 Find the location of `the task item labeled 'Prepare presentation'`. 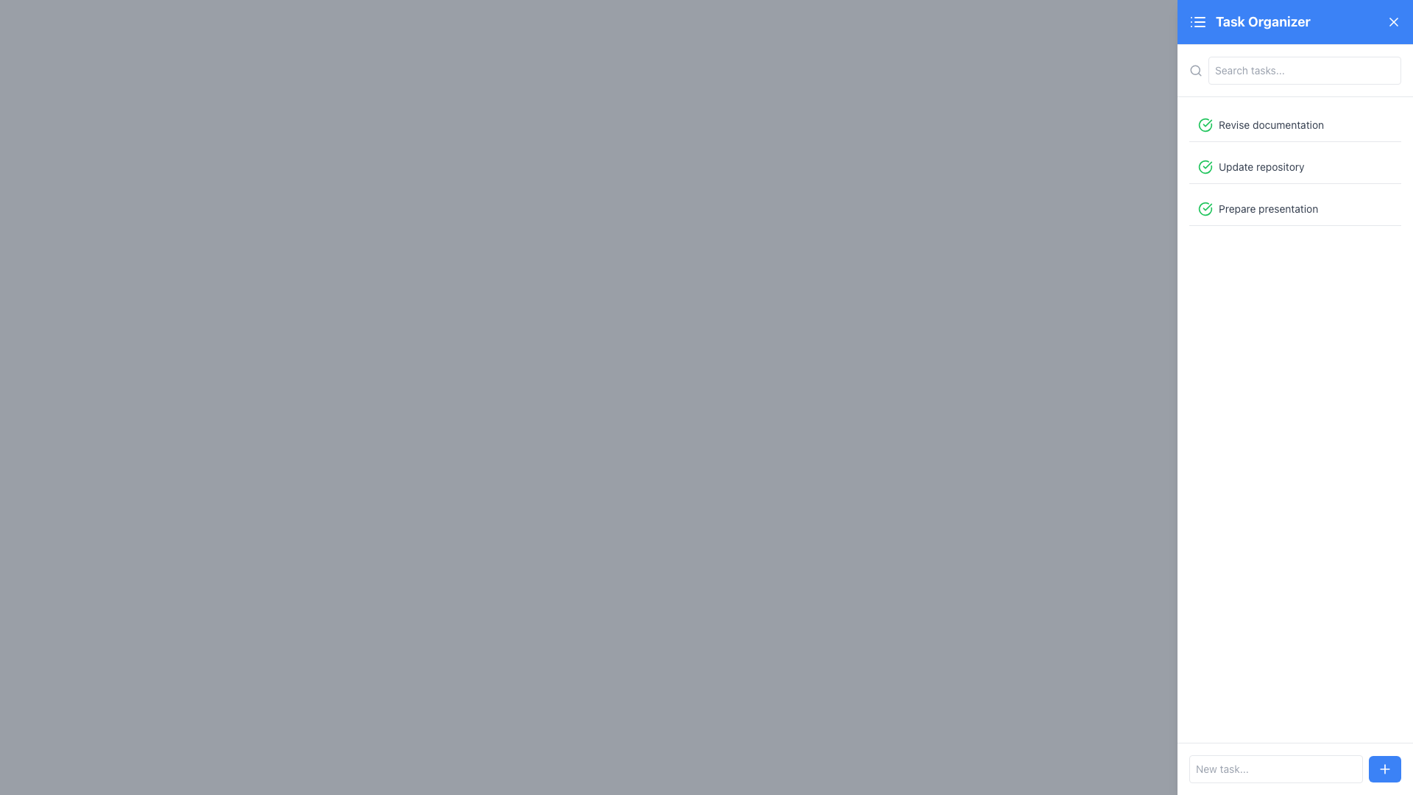

the task item labeled 'Prepare presentation' is located at coordinates (1295, 209).